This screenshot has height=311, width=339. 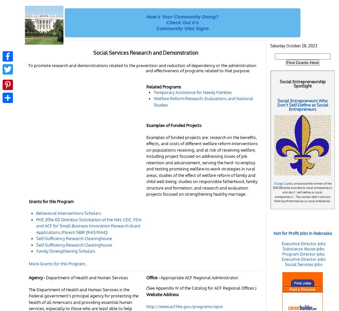 I want to click on 'http://www.acf.hhs.gov/programs/opre', so click(x=184, y=306).